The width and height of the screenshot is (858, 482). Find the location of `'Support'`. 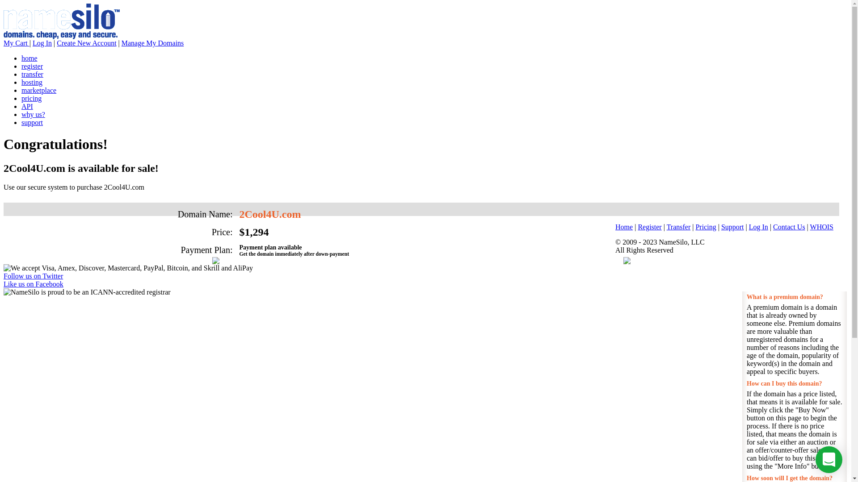

'Support' is located at coordinates (732, 226).